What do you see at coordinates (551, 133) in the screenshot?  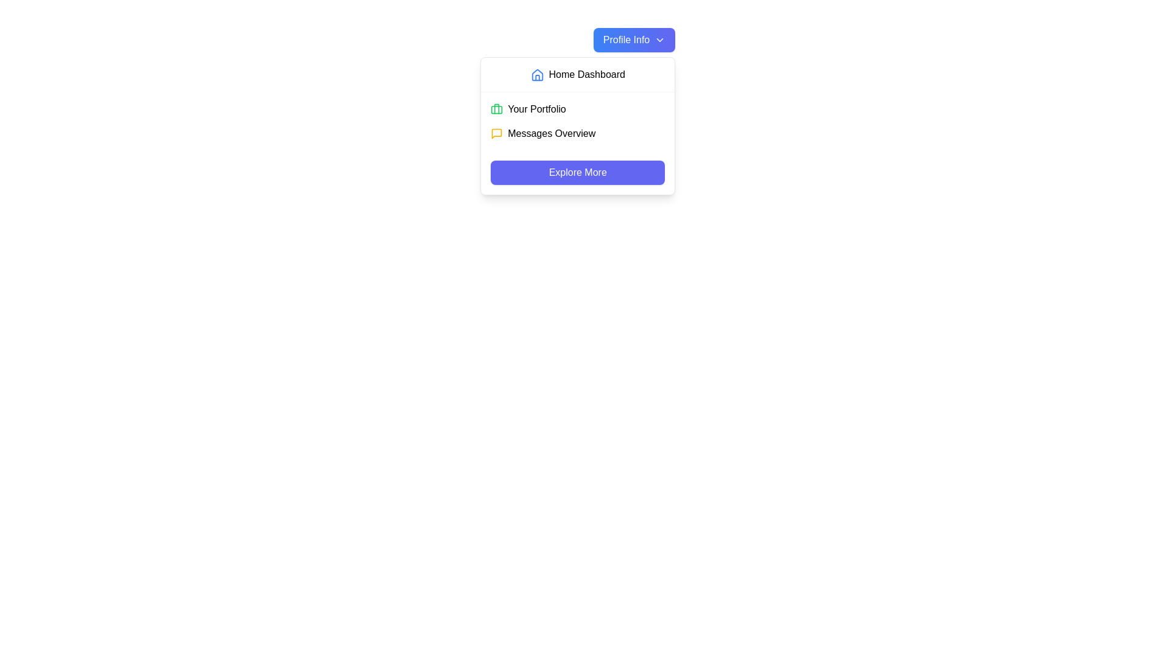 I see `the text label or navigation link located in the dropdown menu below 'Your Portfolio'` at bounding box center [551, 133].